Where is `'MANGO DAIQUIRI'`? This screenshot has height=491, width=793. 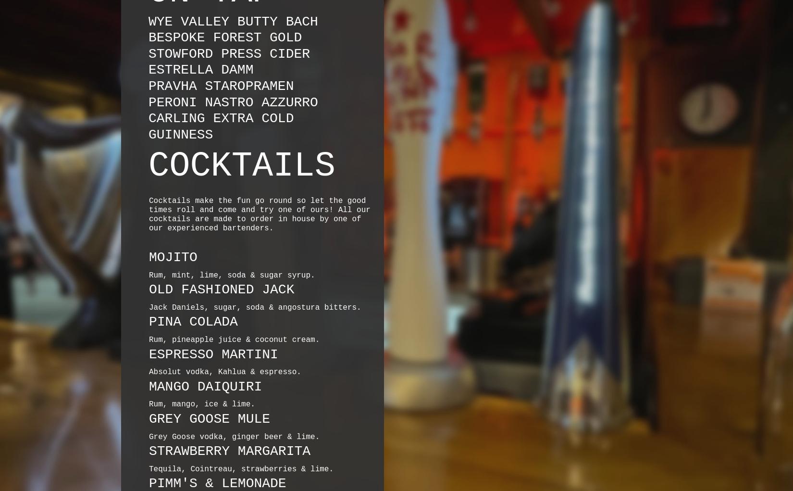 'MANGO DAIQUIRI' is located at coordinates (205, 386).